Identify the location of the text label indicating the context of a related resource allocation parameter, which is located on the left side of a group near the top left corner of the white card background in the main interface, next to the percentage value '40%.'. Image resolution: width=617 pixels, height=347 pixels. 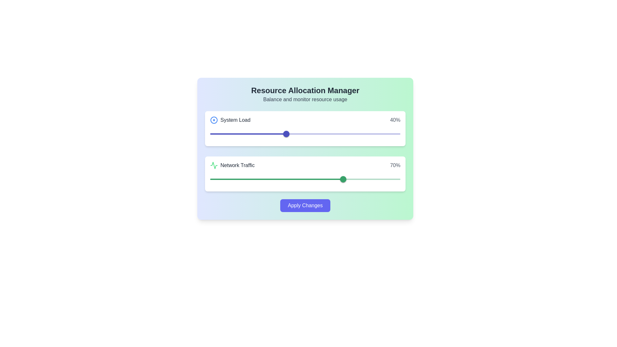
(230, 120).